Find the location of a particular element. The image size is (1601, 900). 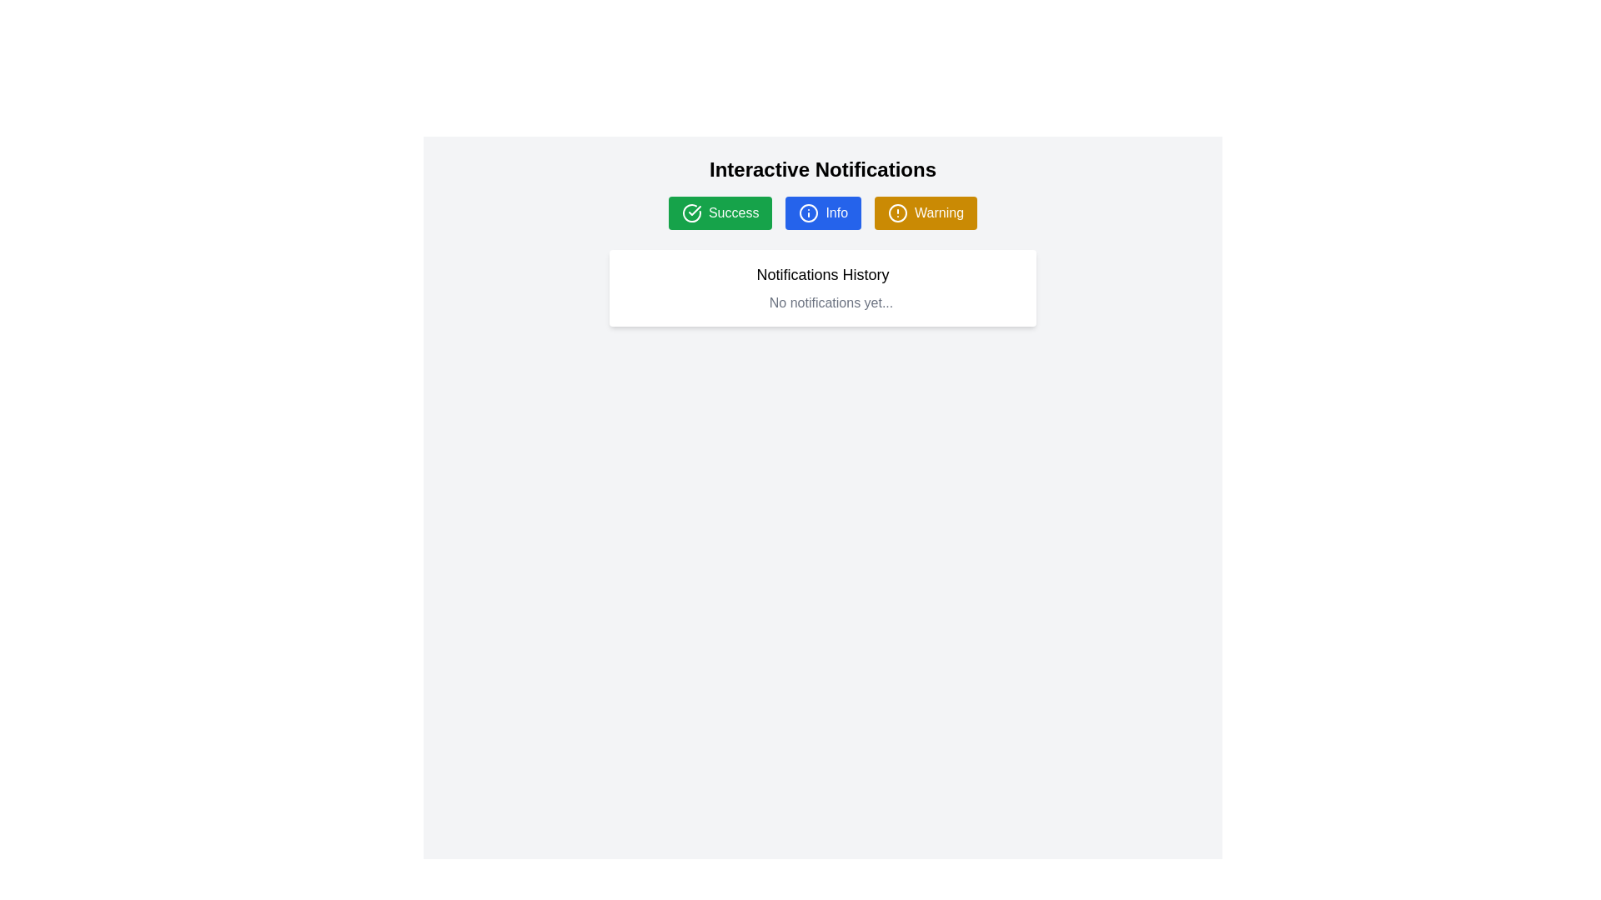

the notification history panel that displays the current state of notifications, located below the 'Interactive Notifications' heading and the buttons labeled 'Success', 'Info', and 'Warning' is located at coordinates (823, 287).